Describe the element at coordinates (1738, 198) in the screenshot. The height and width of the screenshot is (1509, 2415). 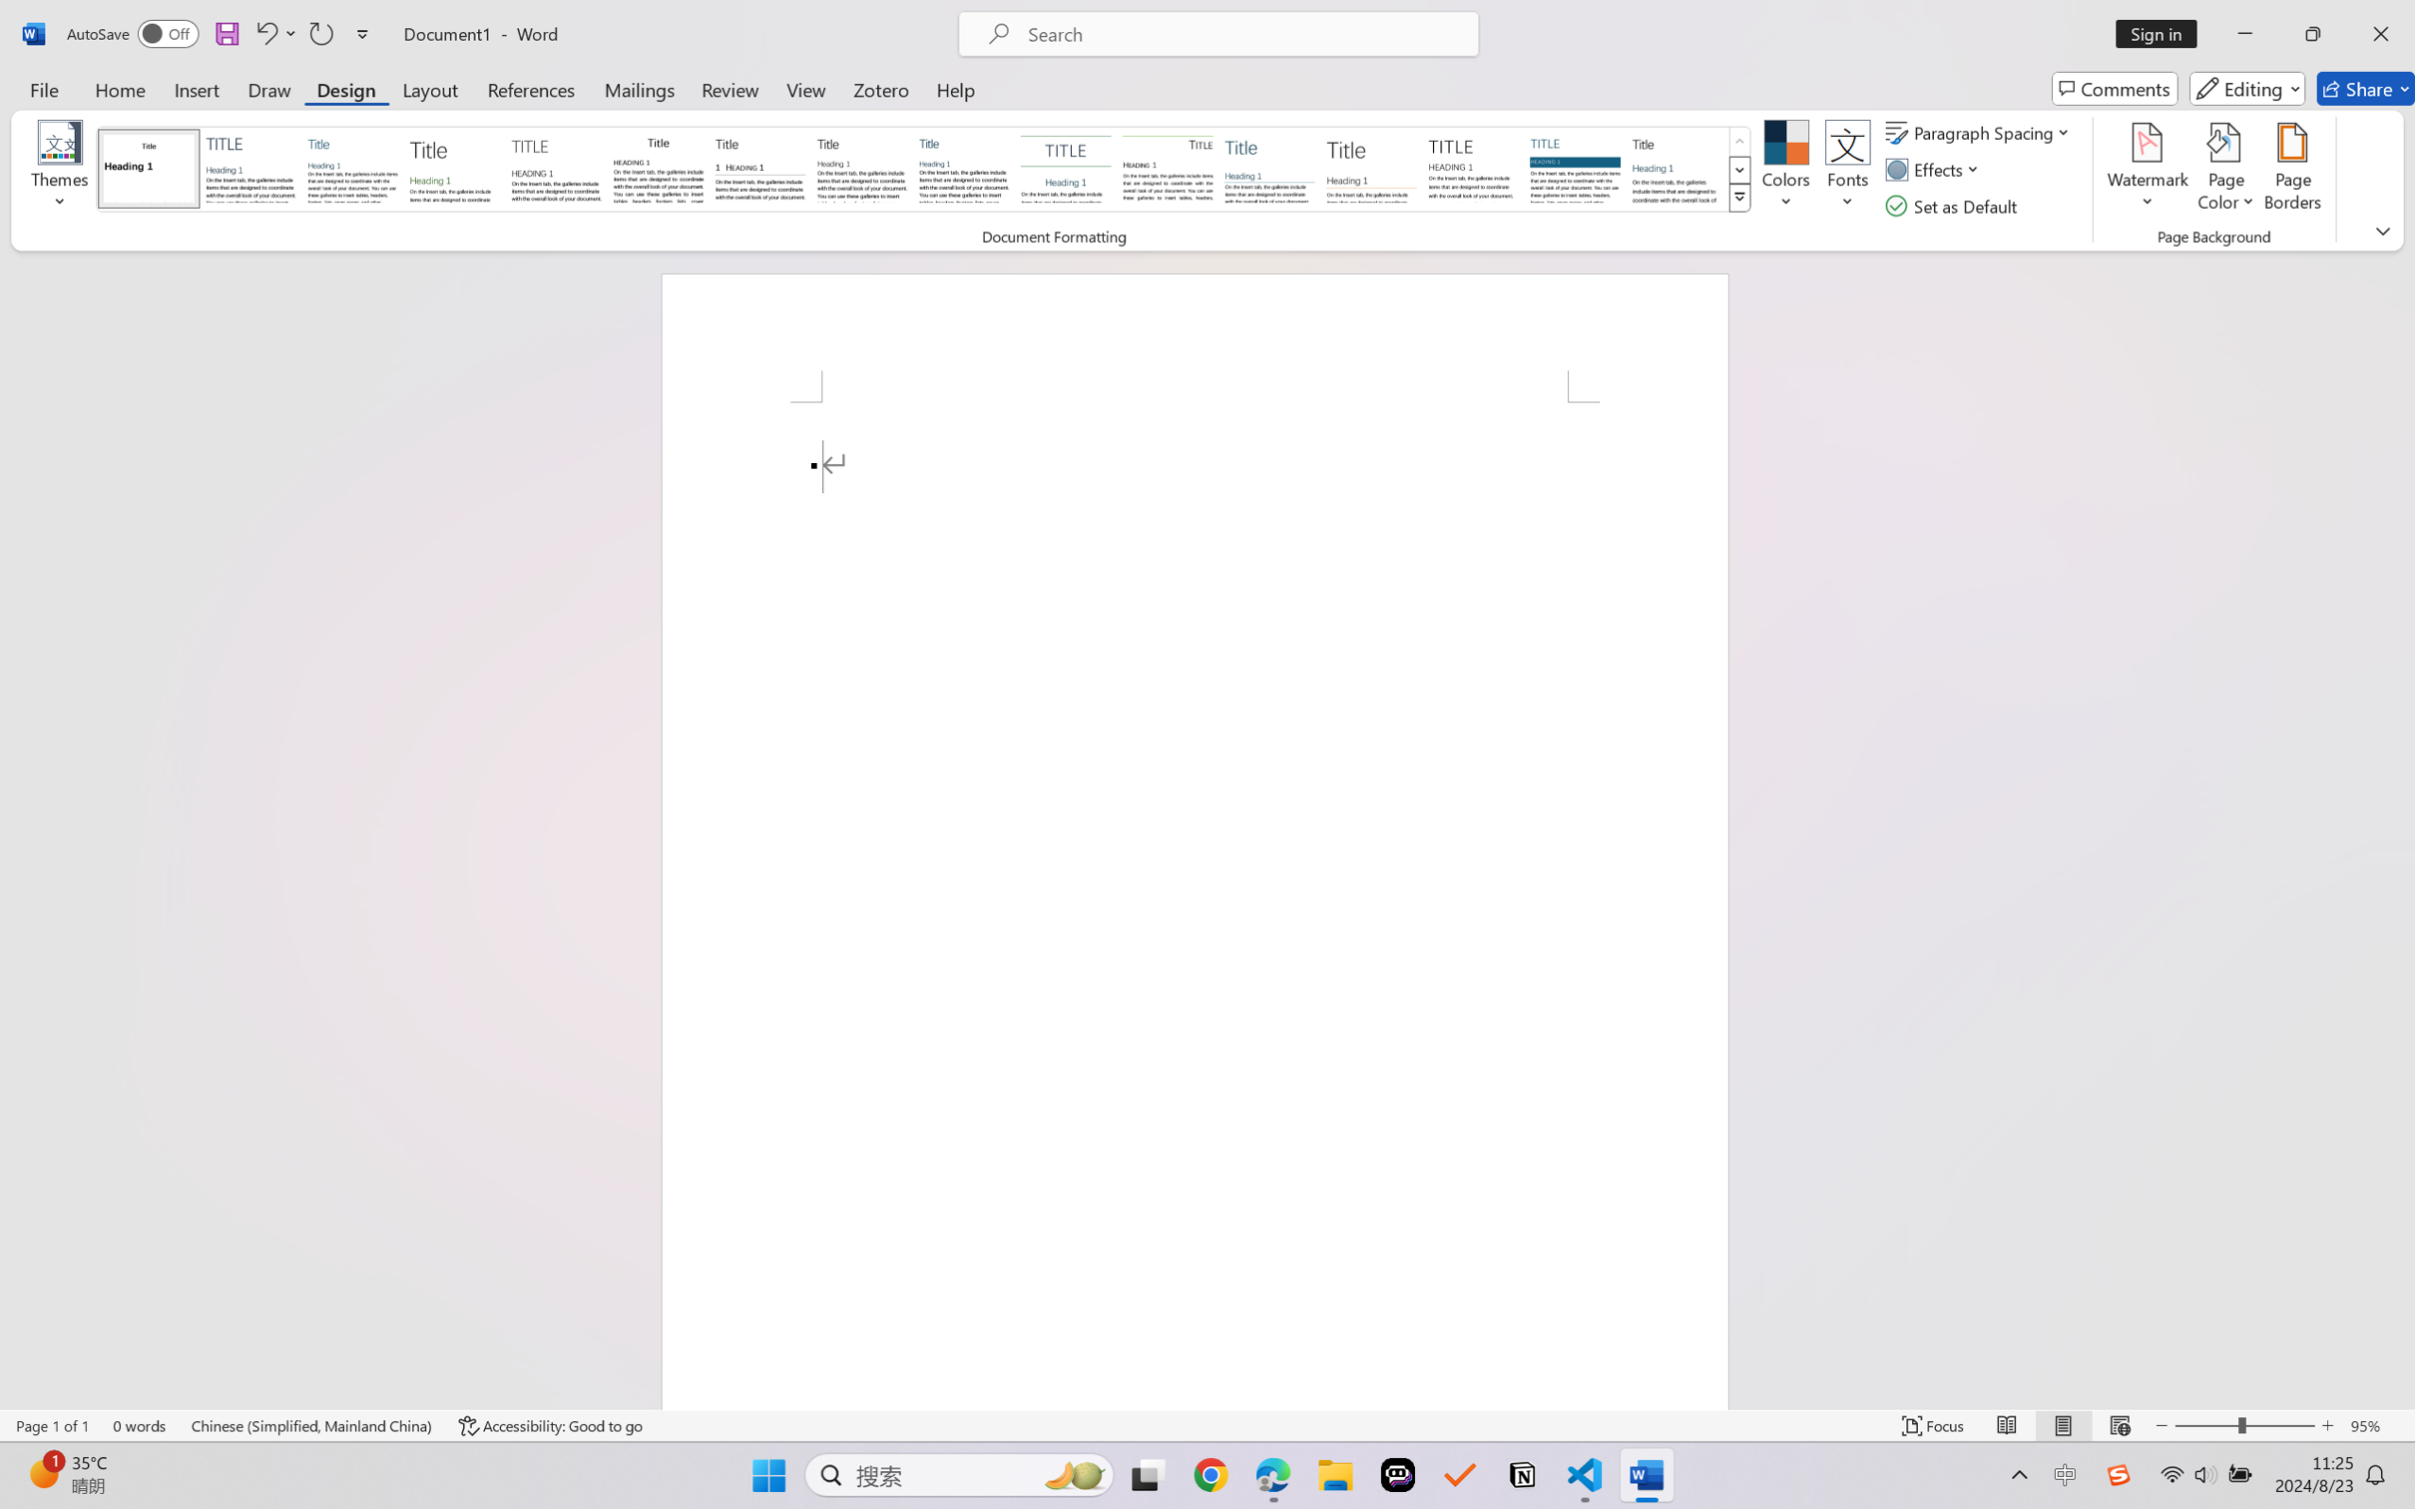
I see `'Style Set'` at that location.